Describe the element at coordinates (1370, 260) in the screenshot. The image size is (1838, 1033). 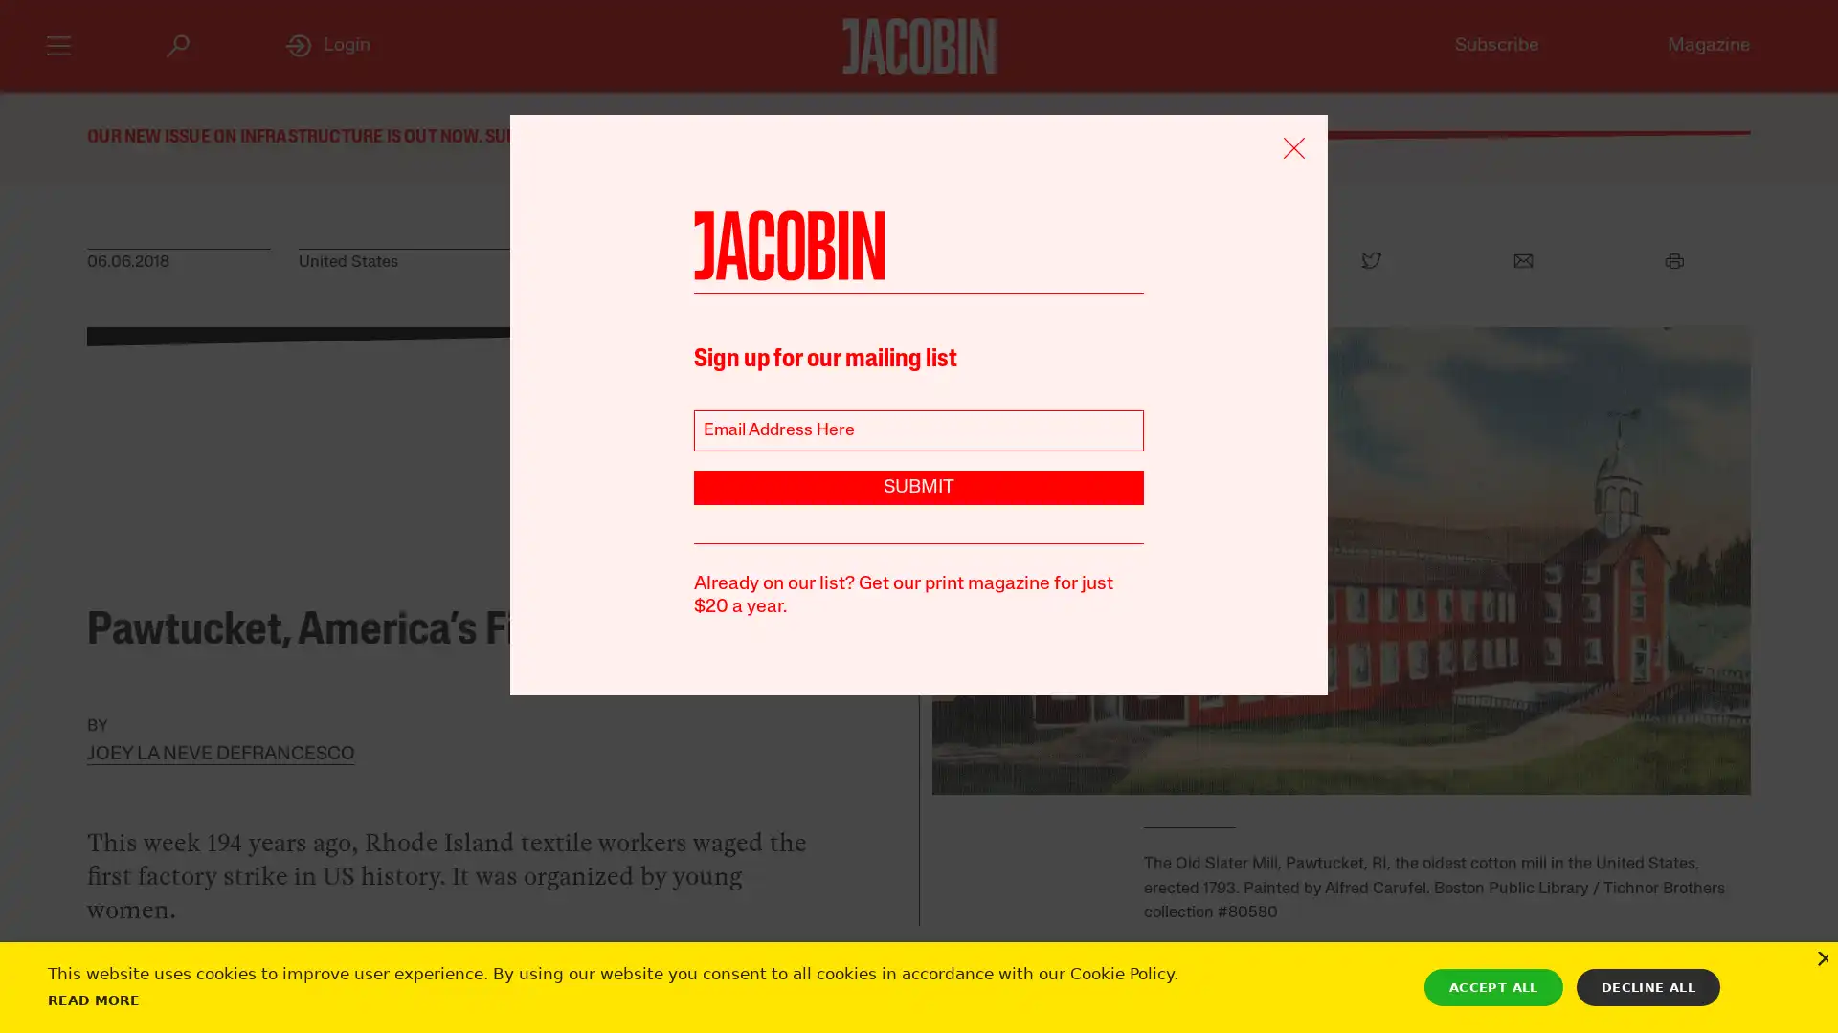
I see `Twitter Icon` at that location.